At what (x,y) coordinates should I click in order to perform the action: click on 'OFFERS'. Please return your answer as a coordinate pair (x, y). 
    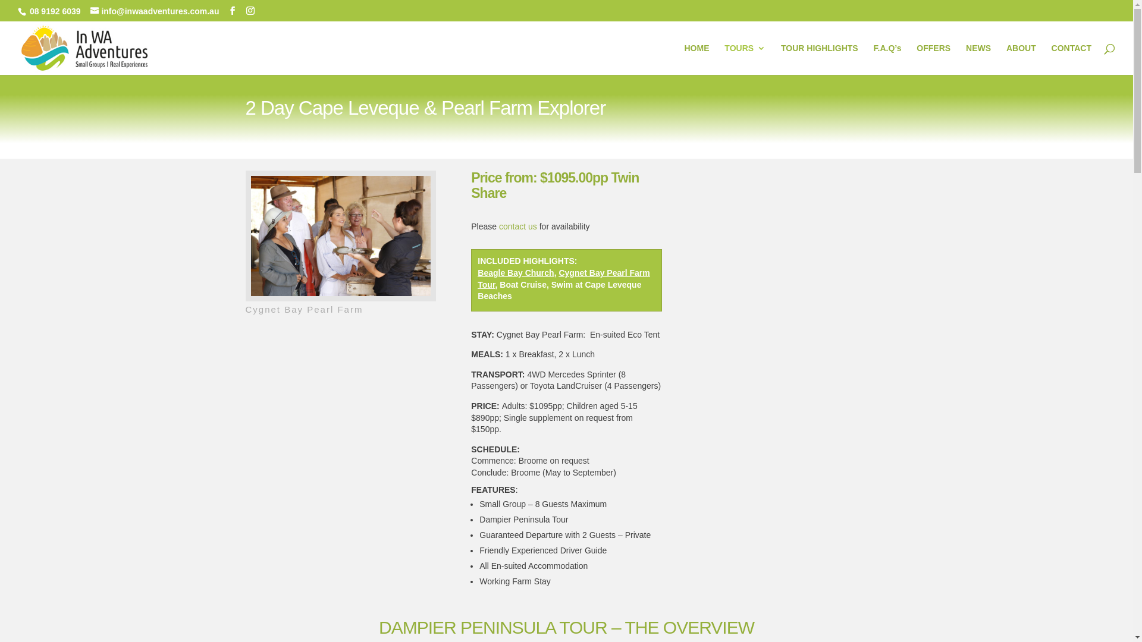
    Looking at the image, I should click on (933, 59).